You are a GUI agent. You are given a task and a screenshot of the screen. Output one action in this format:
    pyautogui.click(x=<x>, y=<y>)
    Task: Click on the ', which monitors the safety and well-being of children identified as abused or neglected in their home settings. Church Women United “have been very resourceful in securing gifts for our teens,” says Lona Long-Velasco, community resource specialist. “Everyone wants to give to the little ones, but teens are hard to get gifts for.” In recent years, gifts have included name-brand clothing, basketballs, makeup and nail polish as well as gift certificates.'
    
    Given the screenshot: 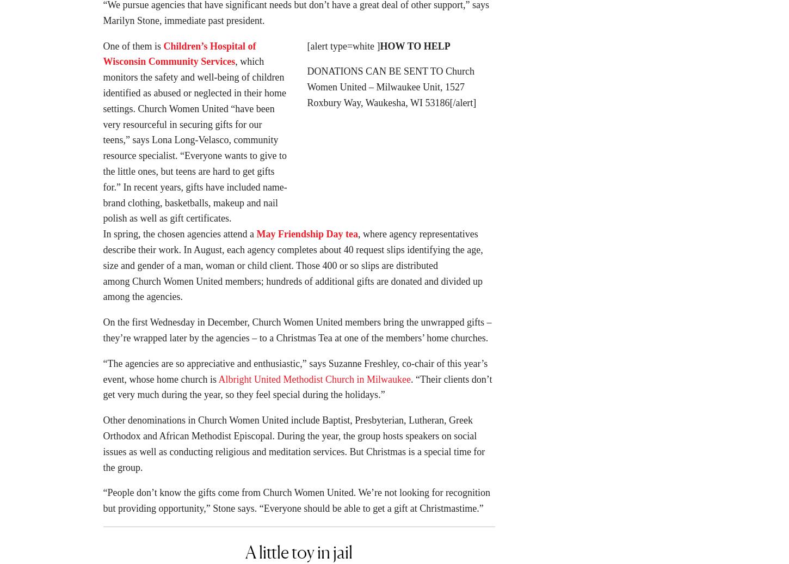 What is the action you would take?
    pyautogui.click(x=195, y=143)
    